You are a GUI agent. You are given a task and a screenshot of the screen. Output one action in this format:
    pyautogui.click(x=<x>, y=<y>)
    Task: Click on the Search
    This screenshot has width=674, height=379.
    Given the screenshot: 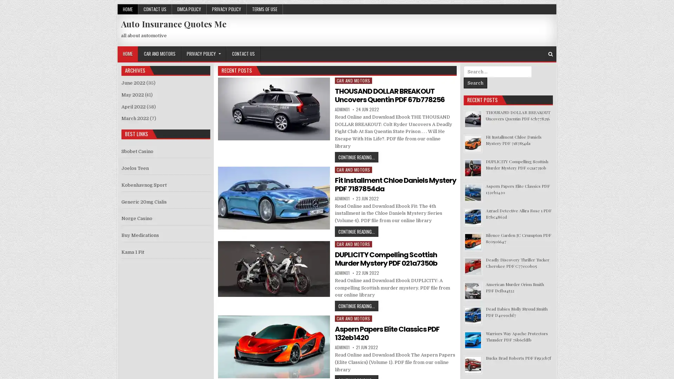 What is the action you would take?
    pyautogui.click(x=475, y=82)
    